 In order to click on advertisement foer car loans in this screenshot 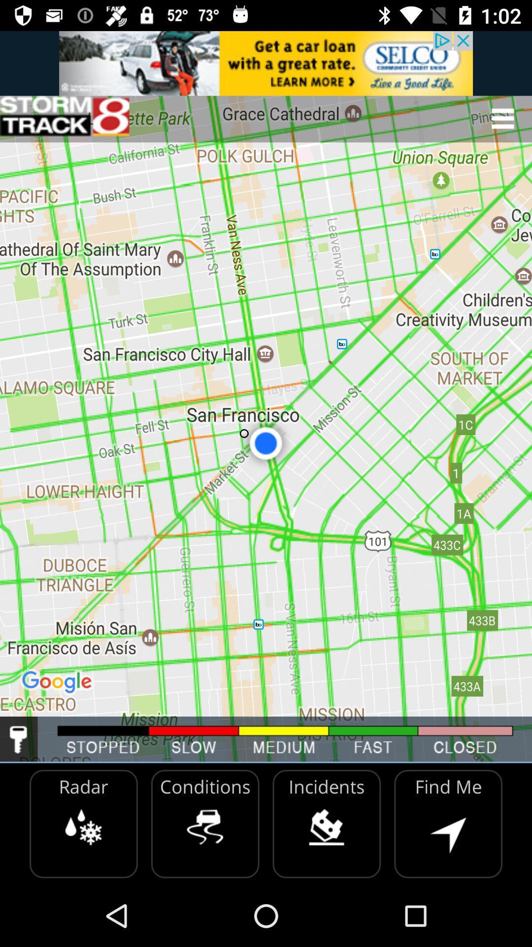, I will do `click(266, 63)`.